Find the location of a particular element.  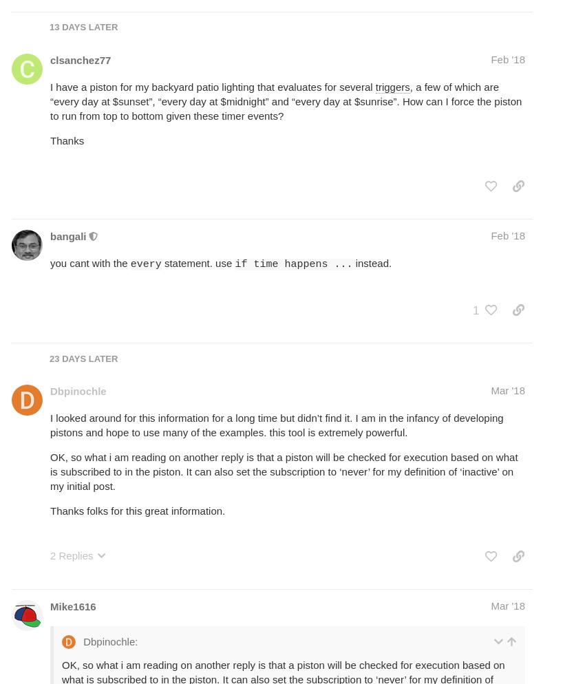

'conditions' is located at coordinates (460, 298).